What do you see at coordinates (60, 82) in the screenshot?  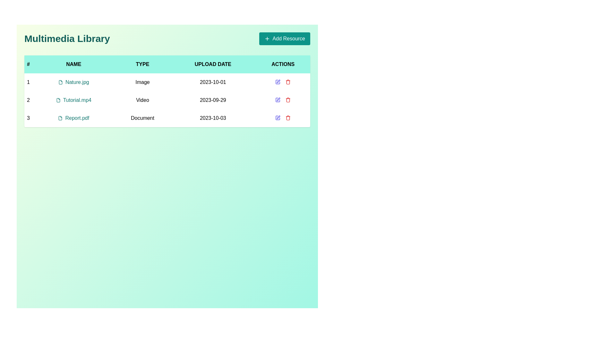 I see `the SVG-based icon representing the image file 'Nature.jpg' in the first row of the 'Multimedia Library' table` at bounding box center [60, 82].